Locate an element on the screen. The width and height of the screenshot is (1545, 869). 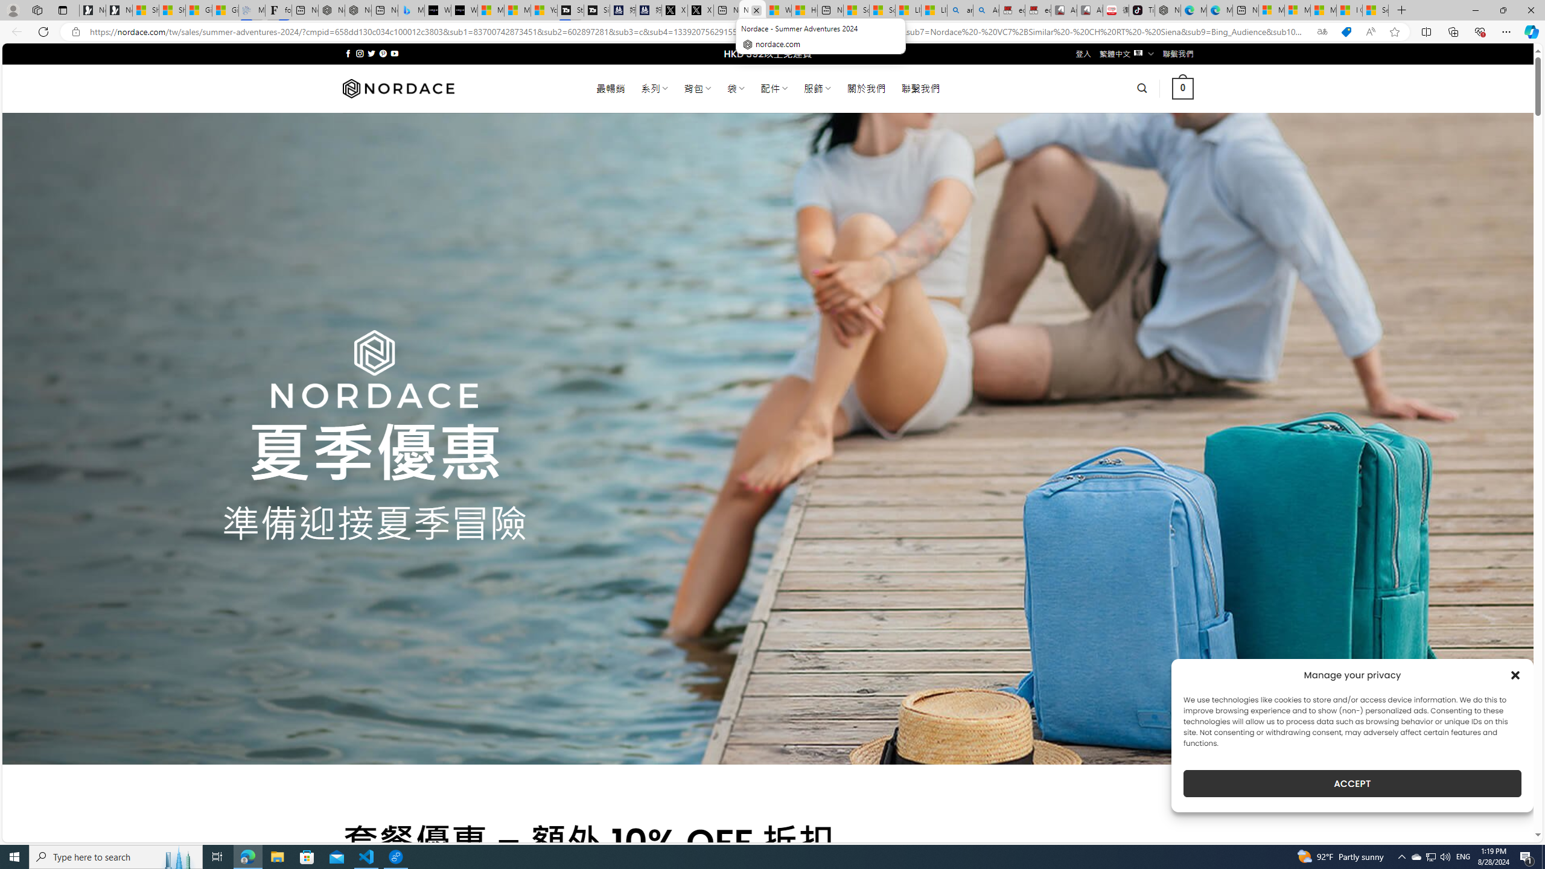
'All Cubot phones' is located at coordinates (1089, 10).